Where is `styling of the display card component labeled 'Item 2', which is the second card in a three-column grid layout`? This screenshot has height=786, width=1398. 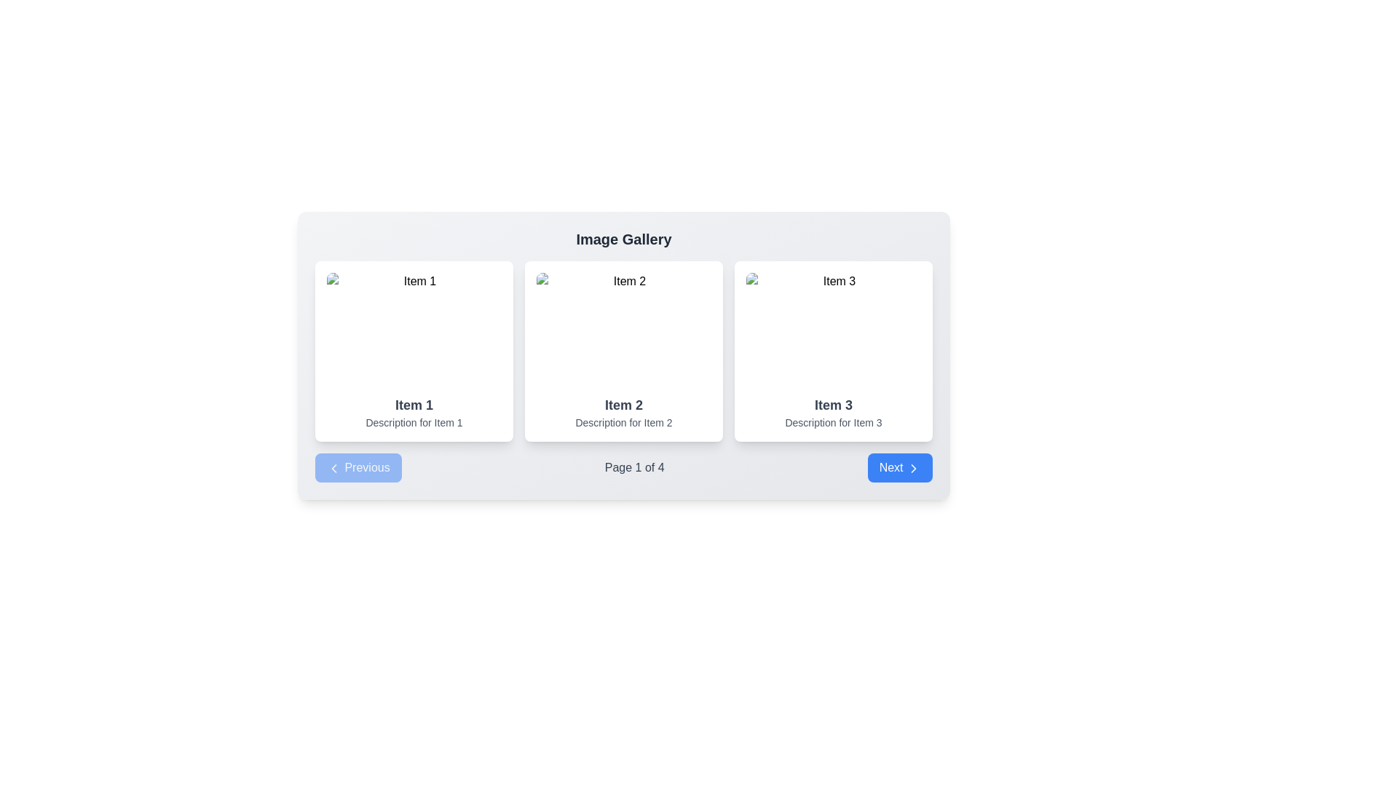 styling of the display card component labeled 'Item 2', which is the second card in a three-column grid layout is located at coordinates (624, 351).